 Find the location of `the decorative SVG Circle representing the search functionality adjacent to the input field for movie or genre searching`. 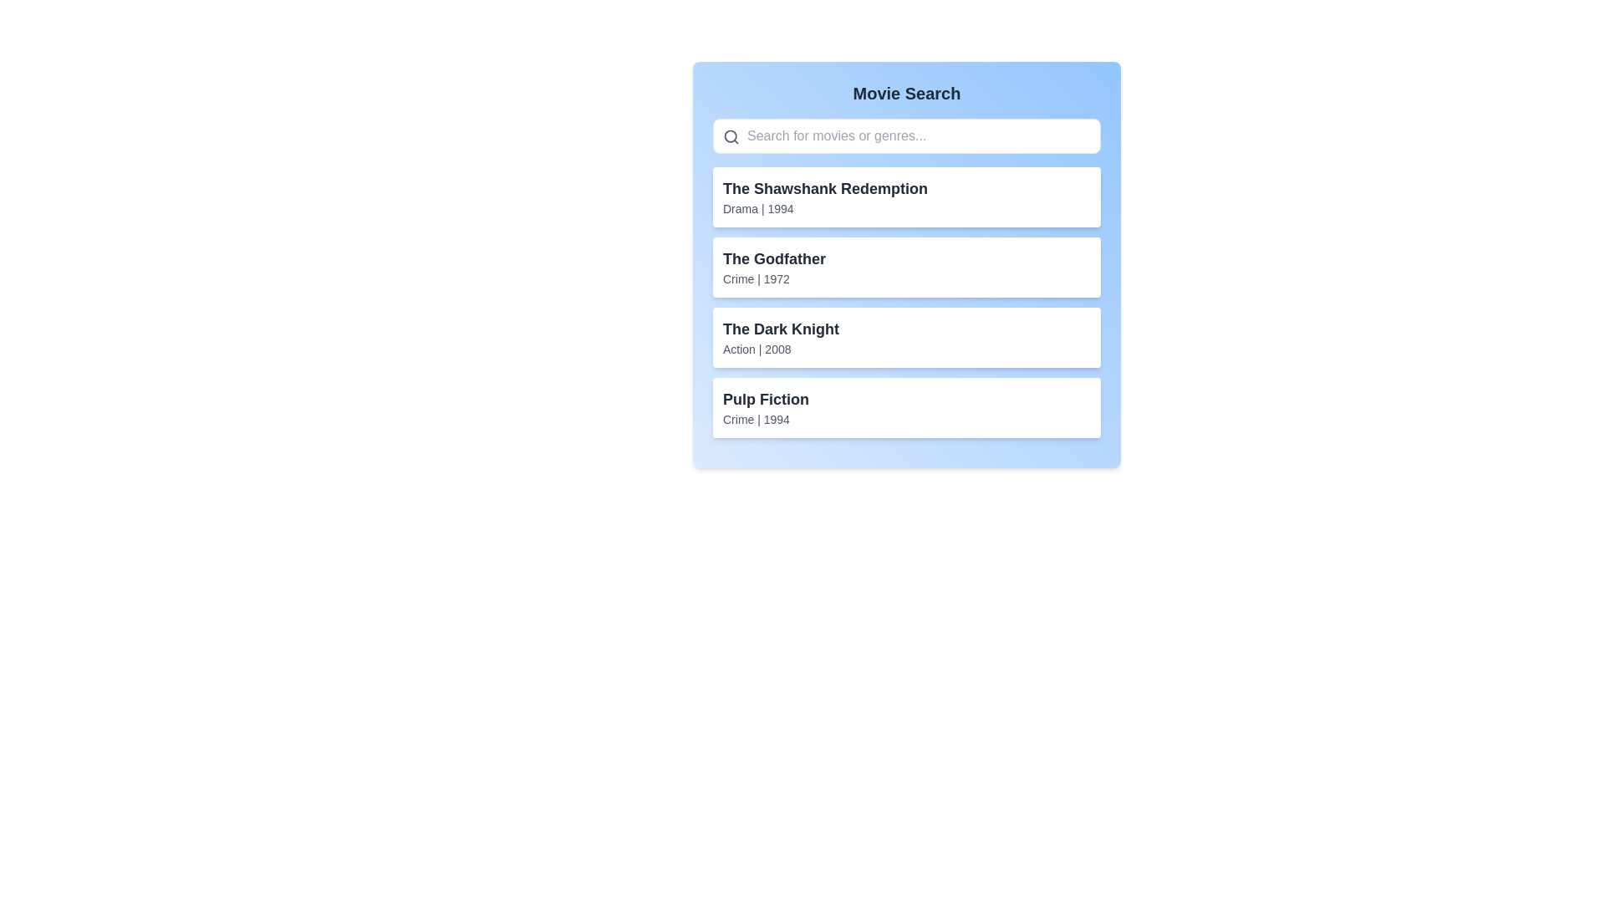

the decorative SVG Circle representing the search functionality adjacent to the input field for movie or genre searching is located at coordinates (731, 135).